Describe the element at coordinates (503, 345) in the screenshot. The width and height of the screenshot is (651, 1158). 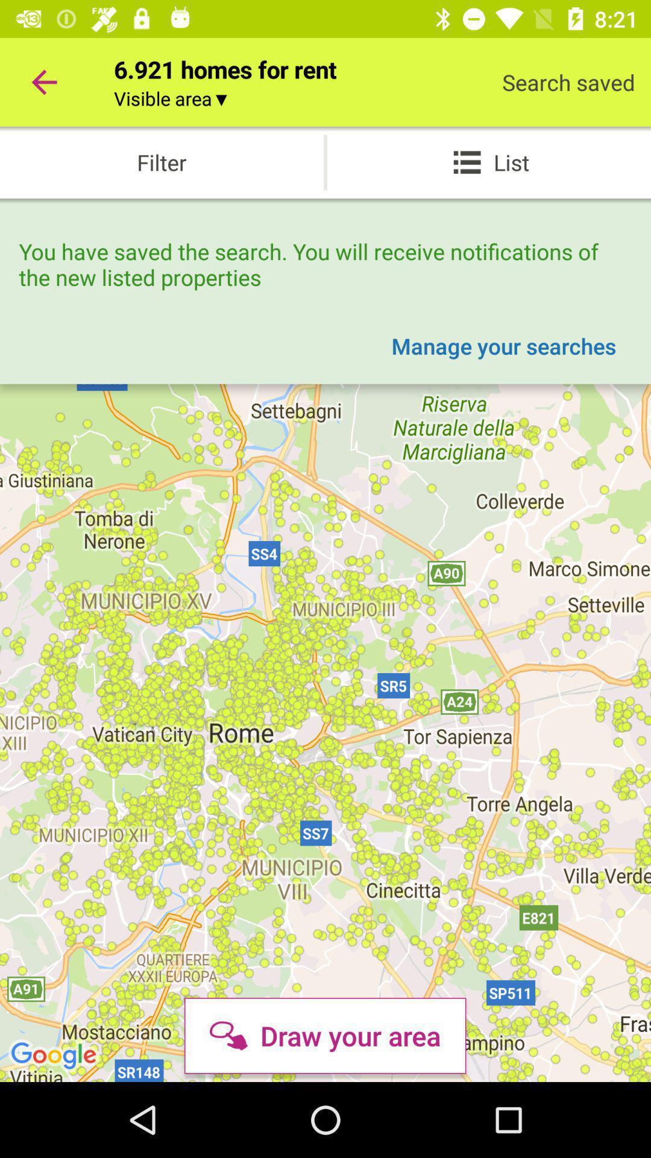
I see `manage your searches item` at that location.